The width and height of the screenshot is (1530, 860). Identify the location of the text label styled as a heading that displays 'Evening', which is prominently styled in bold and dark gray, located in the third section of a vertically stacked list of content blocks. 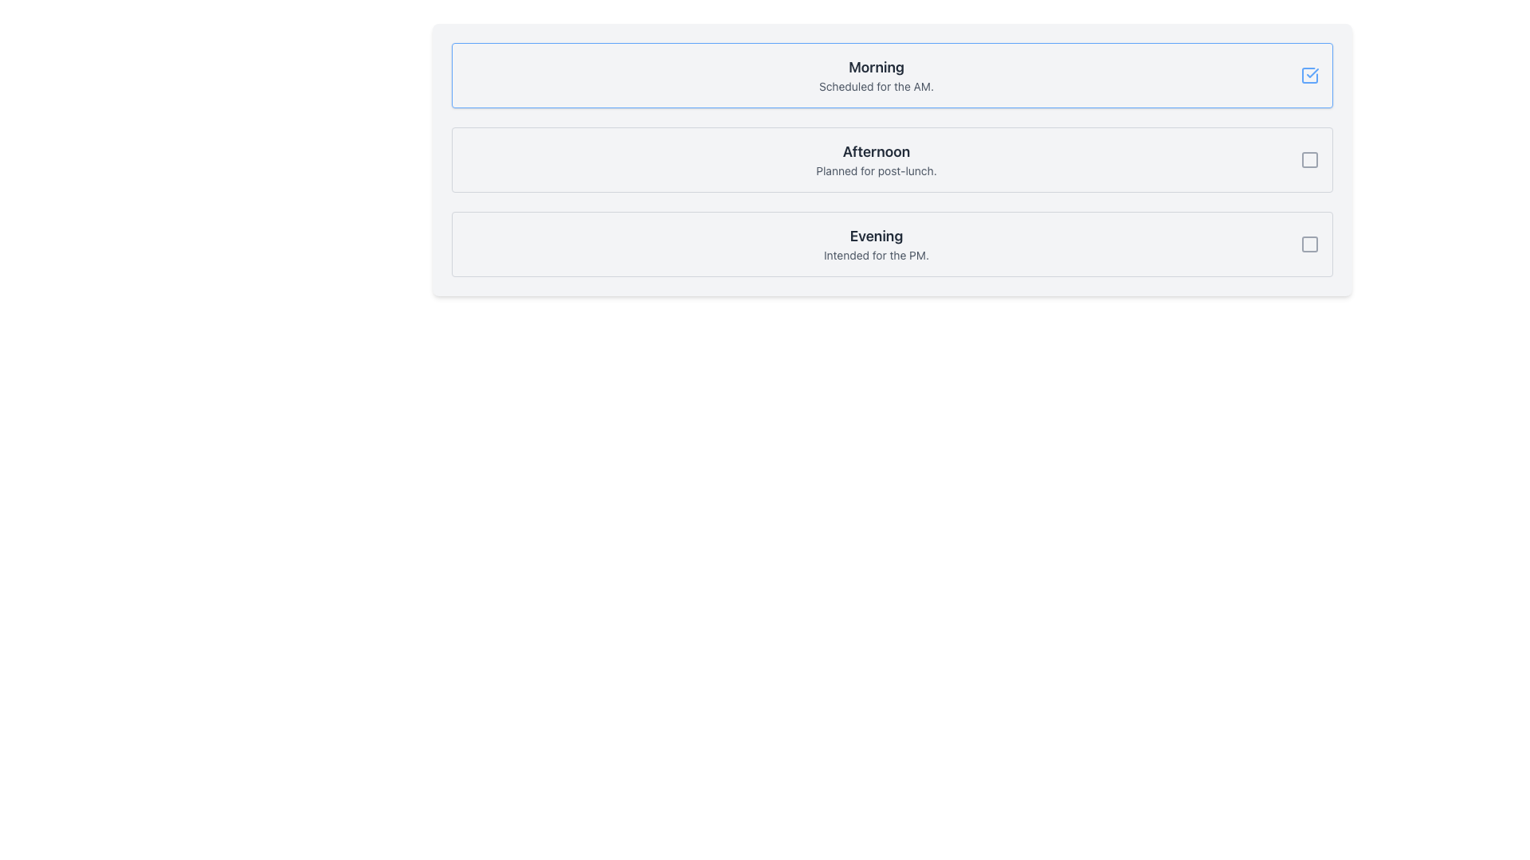
(875, 236).